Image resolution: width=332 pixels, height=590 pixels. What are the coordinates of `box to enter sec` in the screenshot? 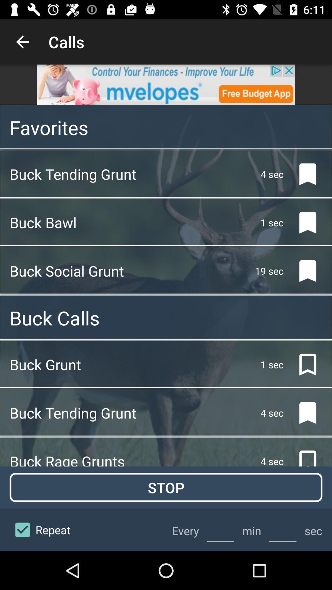 It's located at (283, 529).